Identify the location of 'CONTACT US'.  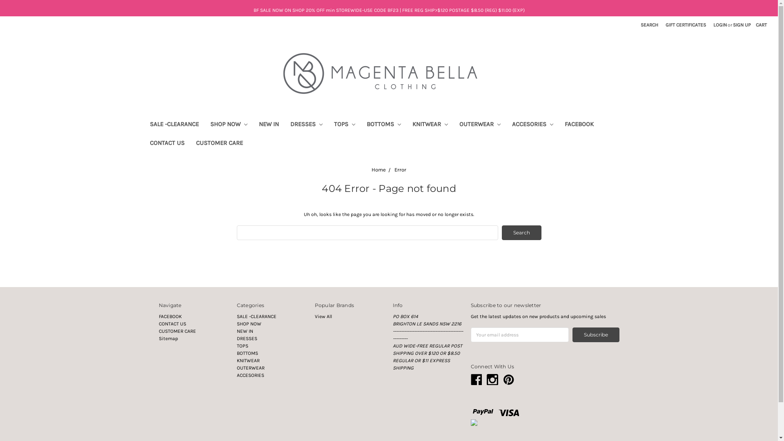
(143, 144).